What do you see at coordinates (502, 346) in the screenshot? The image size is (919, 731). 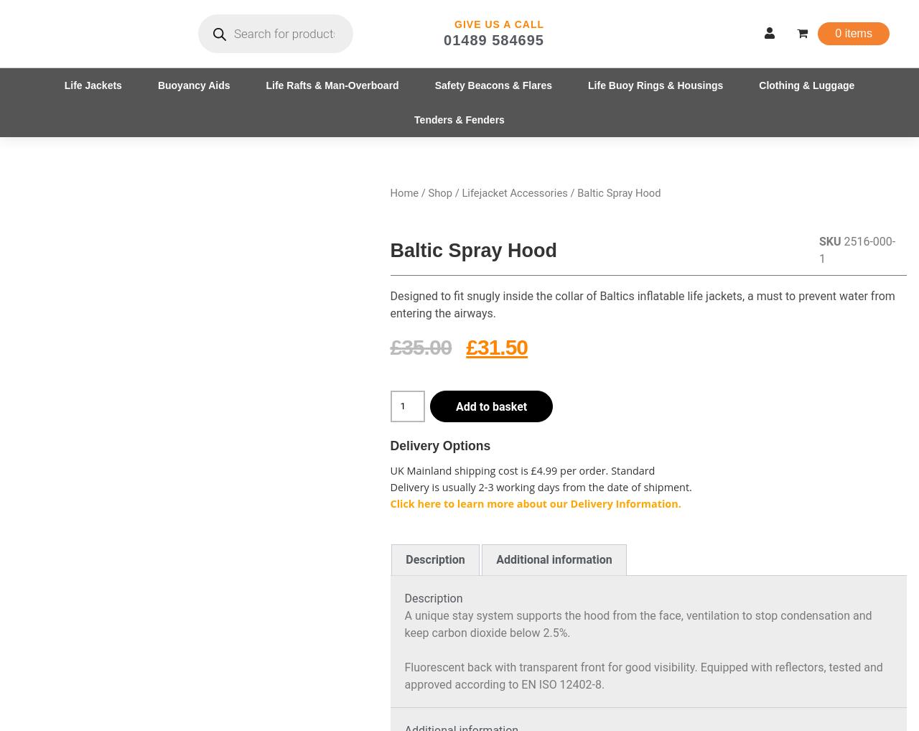 I see `'31.50'` at bounding box center [502, 346].